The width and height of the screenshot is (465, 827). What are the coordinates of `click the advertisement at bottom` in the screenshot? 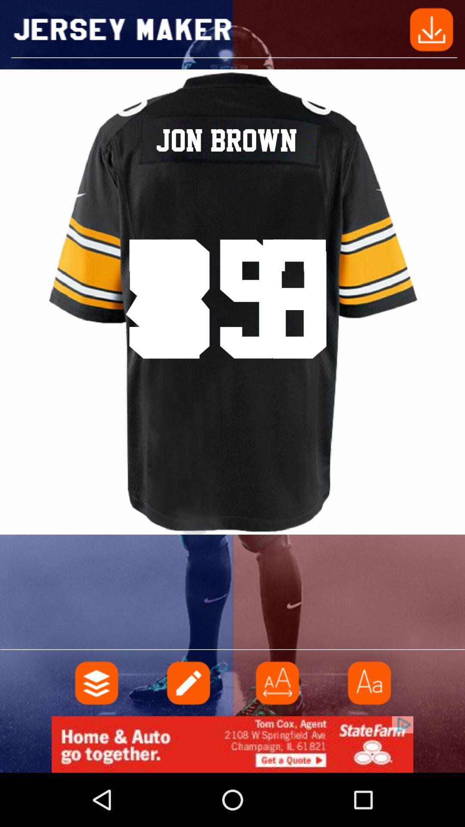 It's located at (232, 744).